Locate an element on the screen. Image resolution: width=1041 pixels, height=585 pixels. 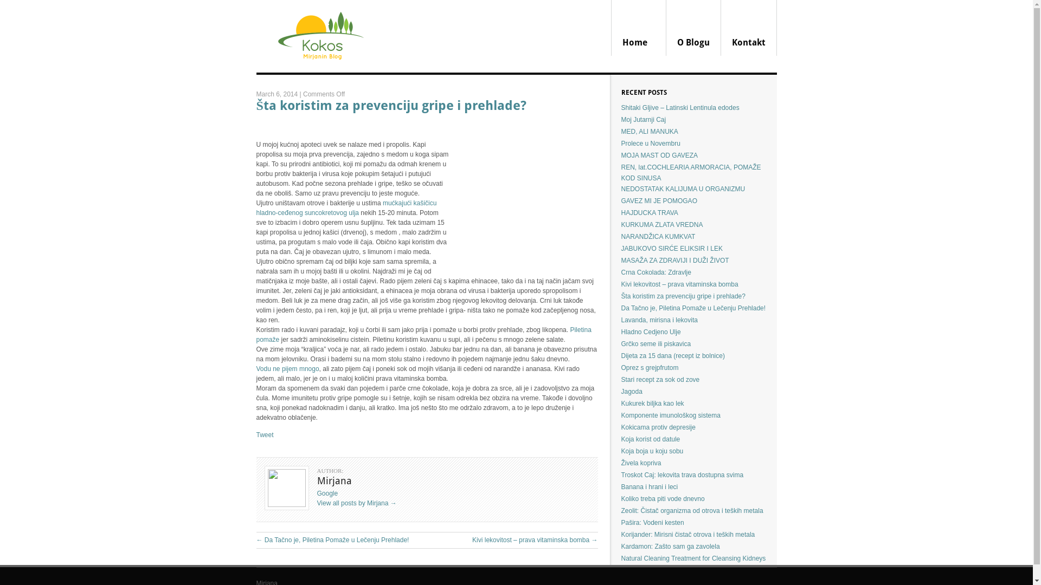
'Home' is located at coordinates (612, 27).